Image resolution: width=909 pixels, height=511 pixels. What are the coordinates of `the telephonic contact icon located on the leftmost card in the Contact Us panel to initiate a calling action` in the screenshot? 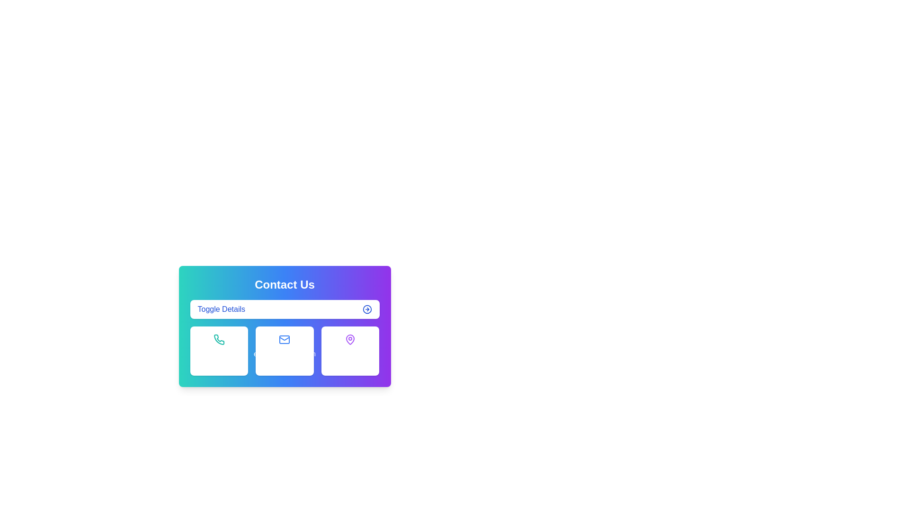 It's located at (218, 339).